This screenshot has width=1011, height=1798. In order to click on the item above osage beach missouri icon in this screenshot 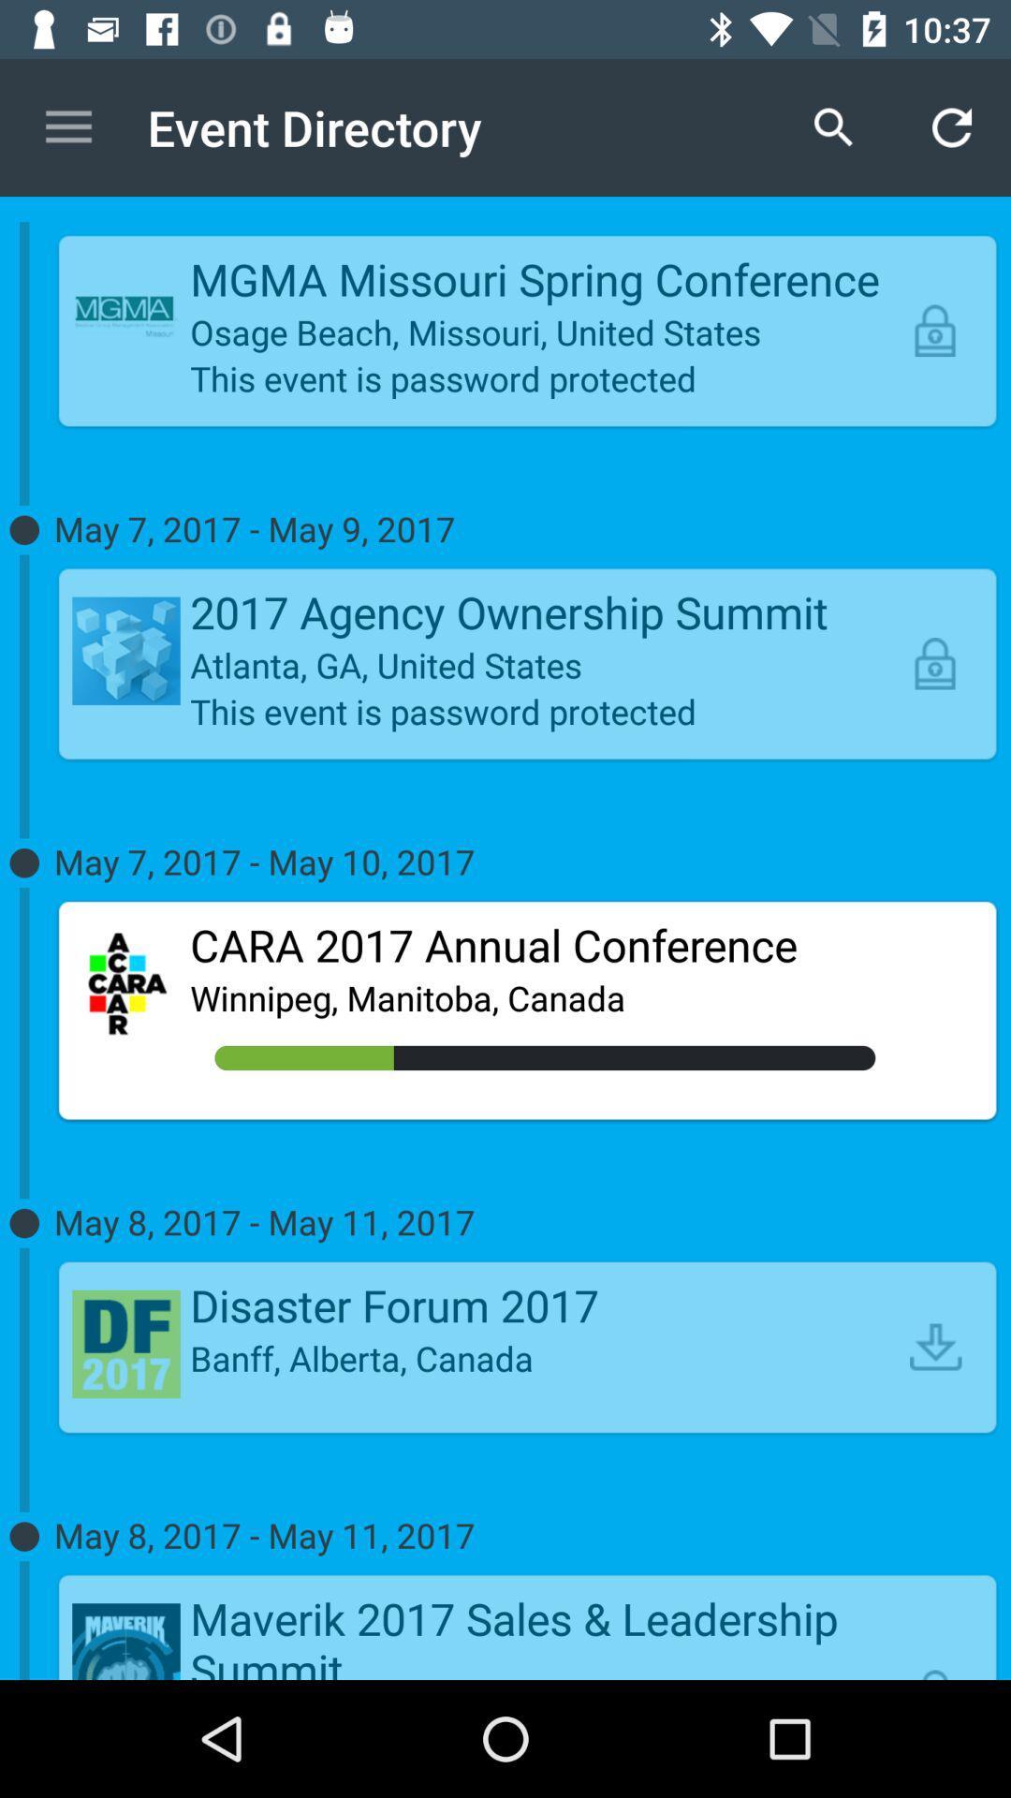, I will do `click(545, 278)`.